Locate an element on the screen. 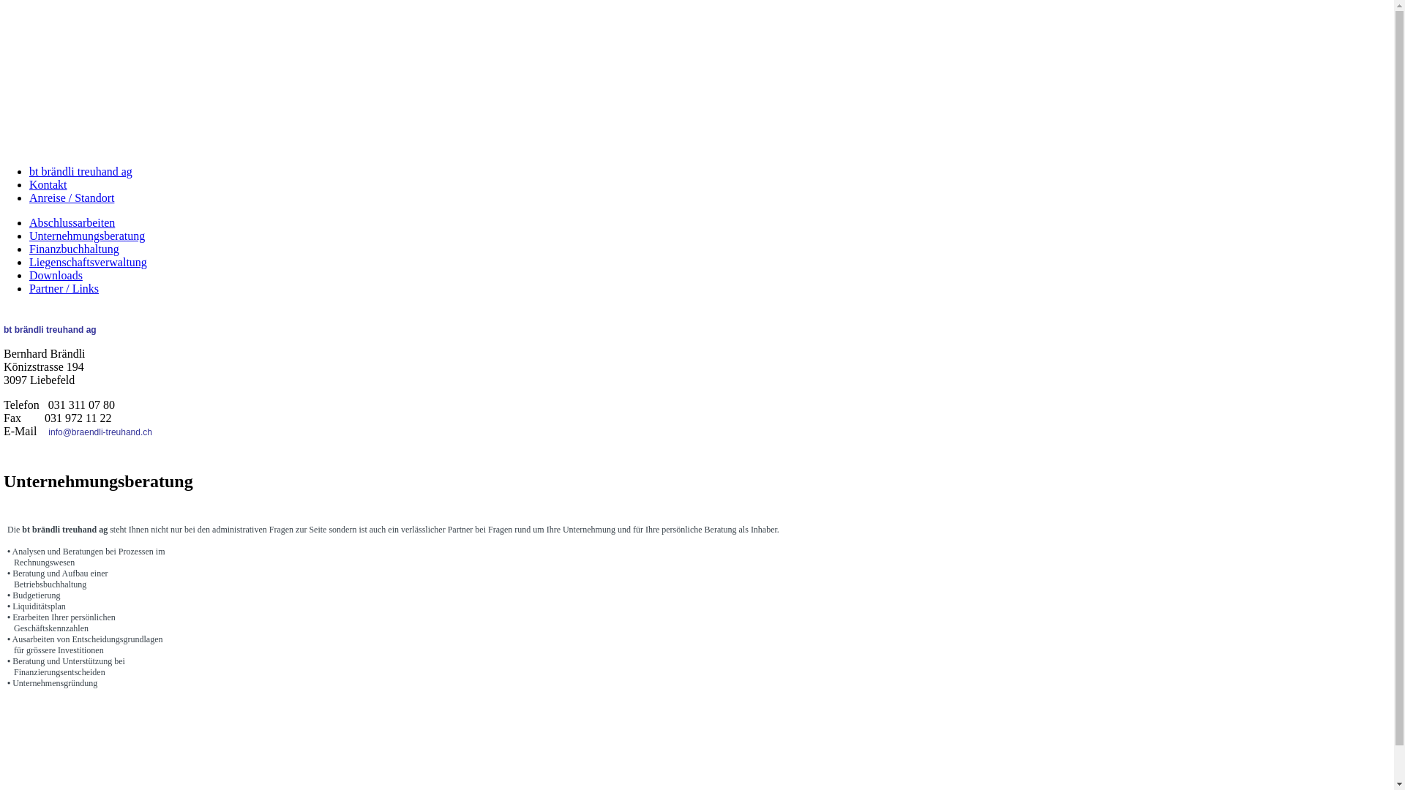 The width and height of the screenshot is (1405, 790). 'Partner / Links' is located at coordinates (29, 288).